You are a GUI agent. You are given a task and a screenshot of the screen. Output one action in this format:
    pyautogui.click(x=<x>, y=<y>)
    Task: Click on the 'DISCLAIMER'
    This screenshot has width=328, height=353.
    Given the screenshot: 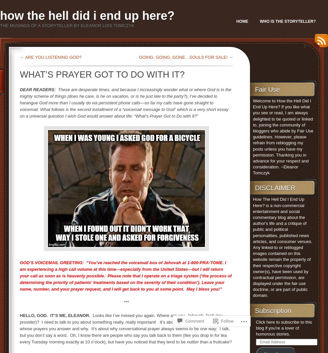 What is the action you would take?
    pyautogui.click(x=254, y=188)
    